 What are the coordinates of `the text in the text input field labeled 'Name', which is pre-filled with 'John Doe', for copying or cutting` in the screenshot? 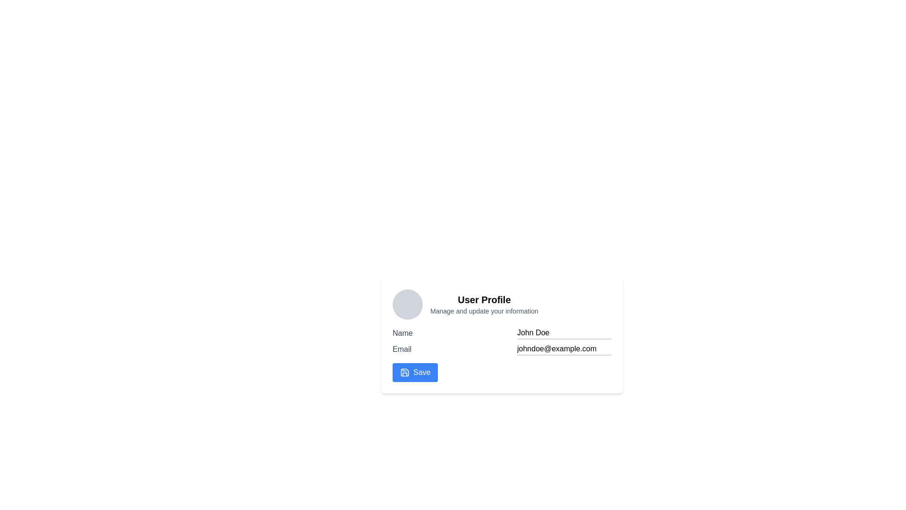 It's located at (564, 332).